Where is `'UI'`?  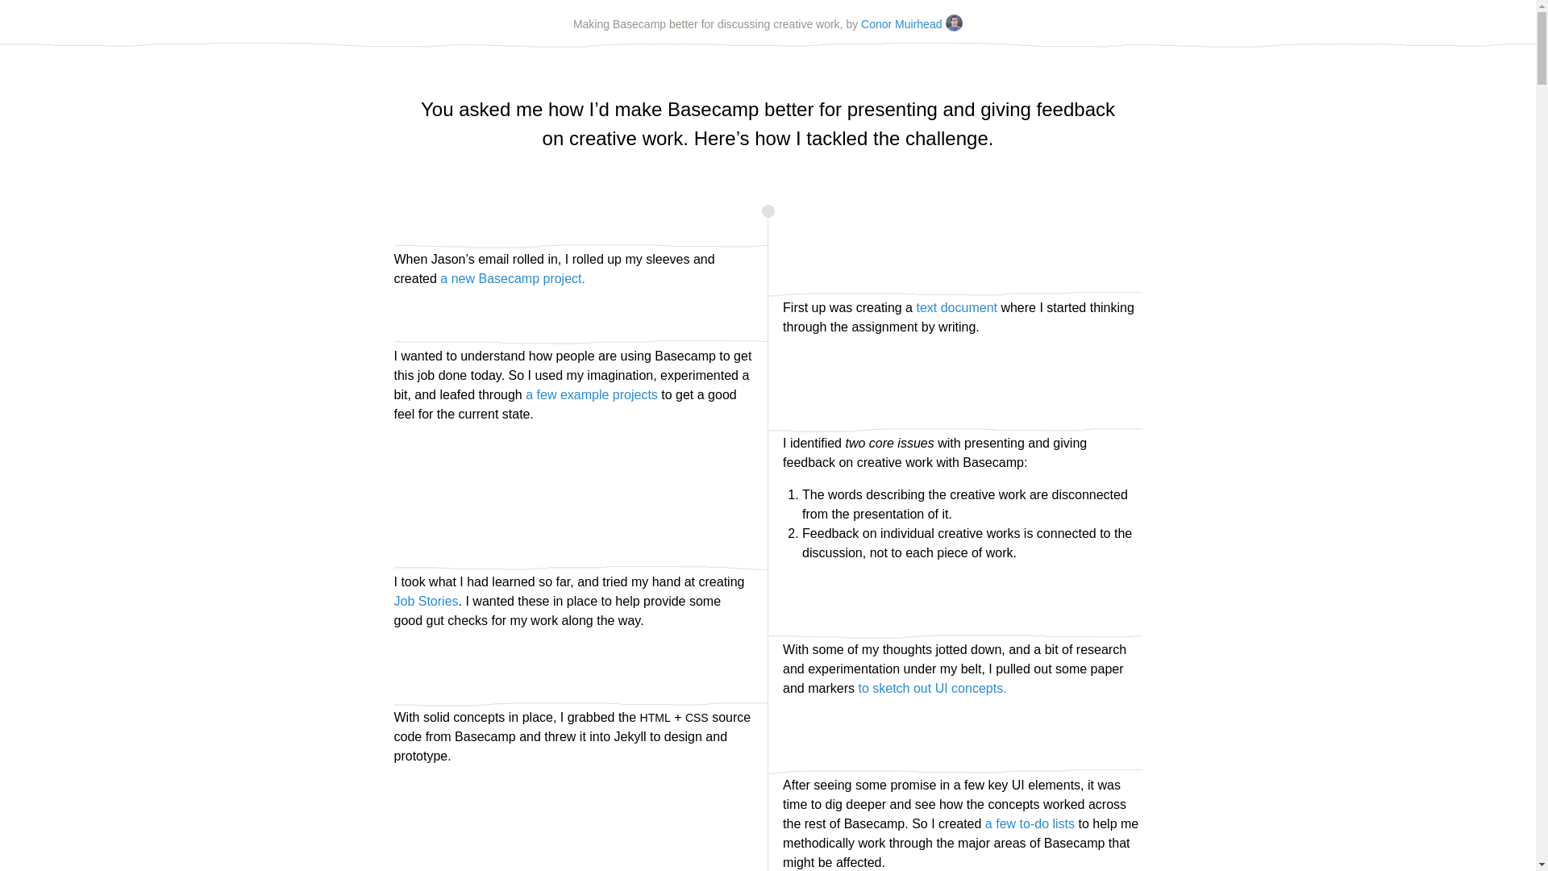 'UI' is located at coordinates (941, 688).